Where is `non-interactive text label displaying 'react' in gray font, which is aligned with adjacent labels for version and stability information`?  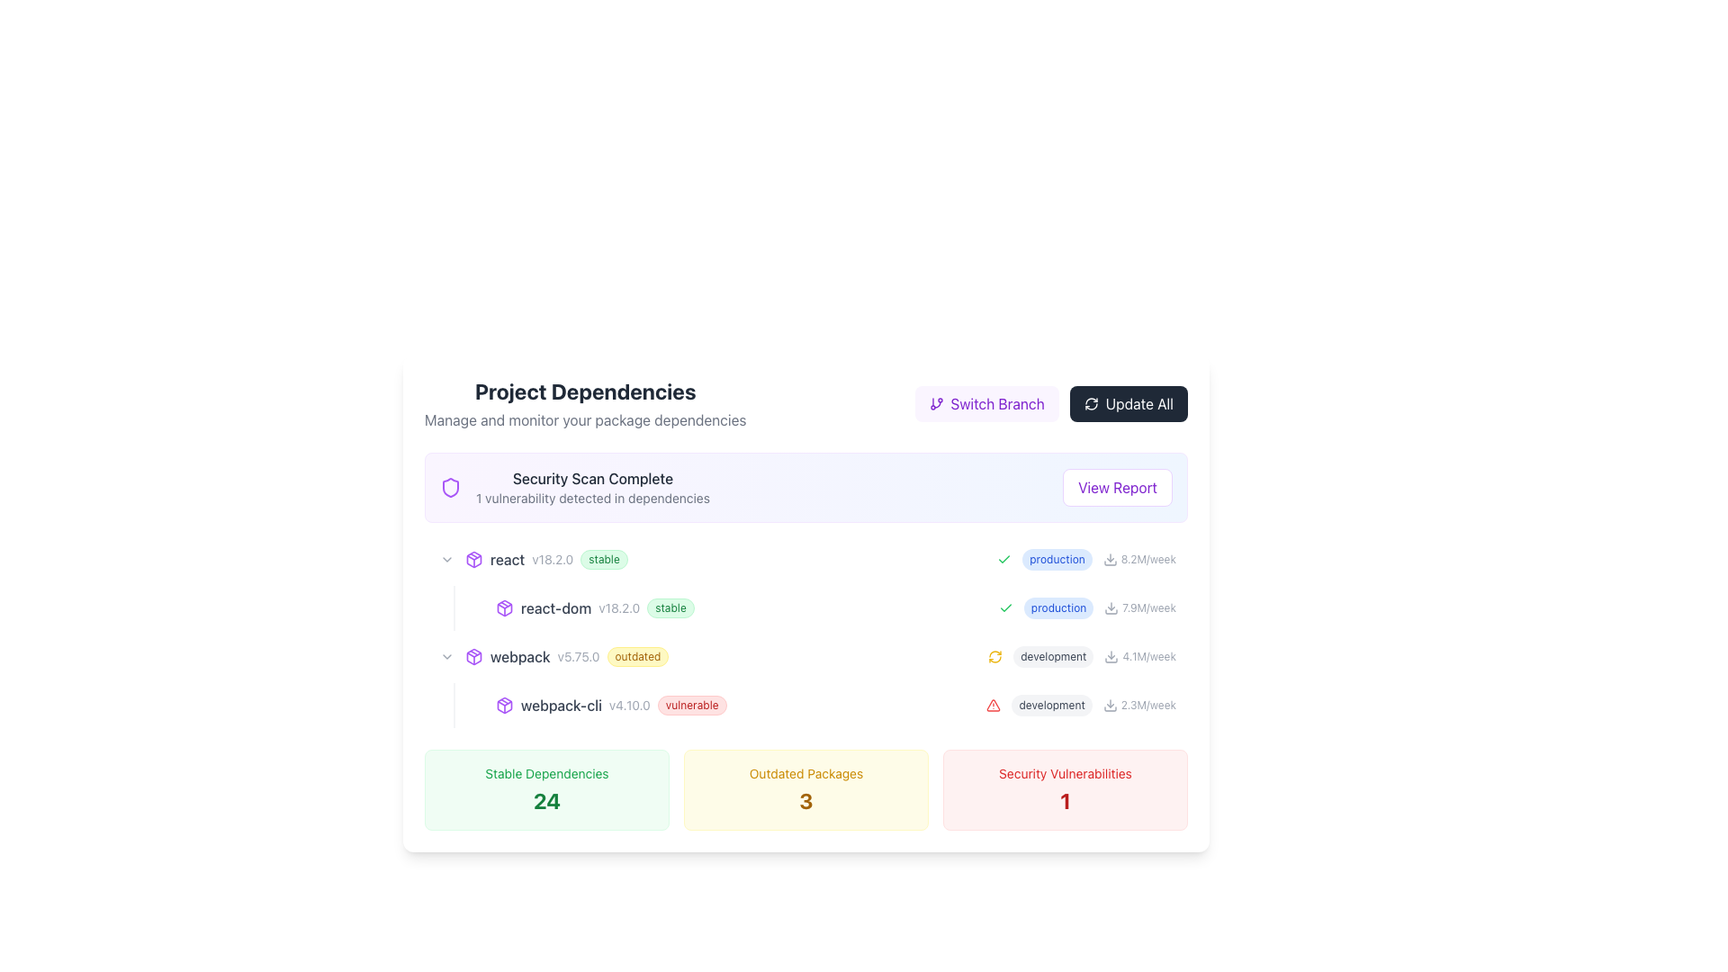 non-interactive text label displaying 'react' in gray font, which is aligned with adjacent labels for version and stability information is located at coordinates (507, 558).